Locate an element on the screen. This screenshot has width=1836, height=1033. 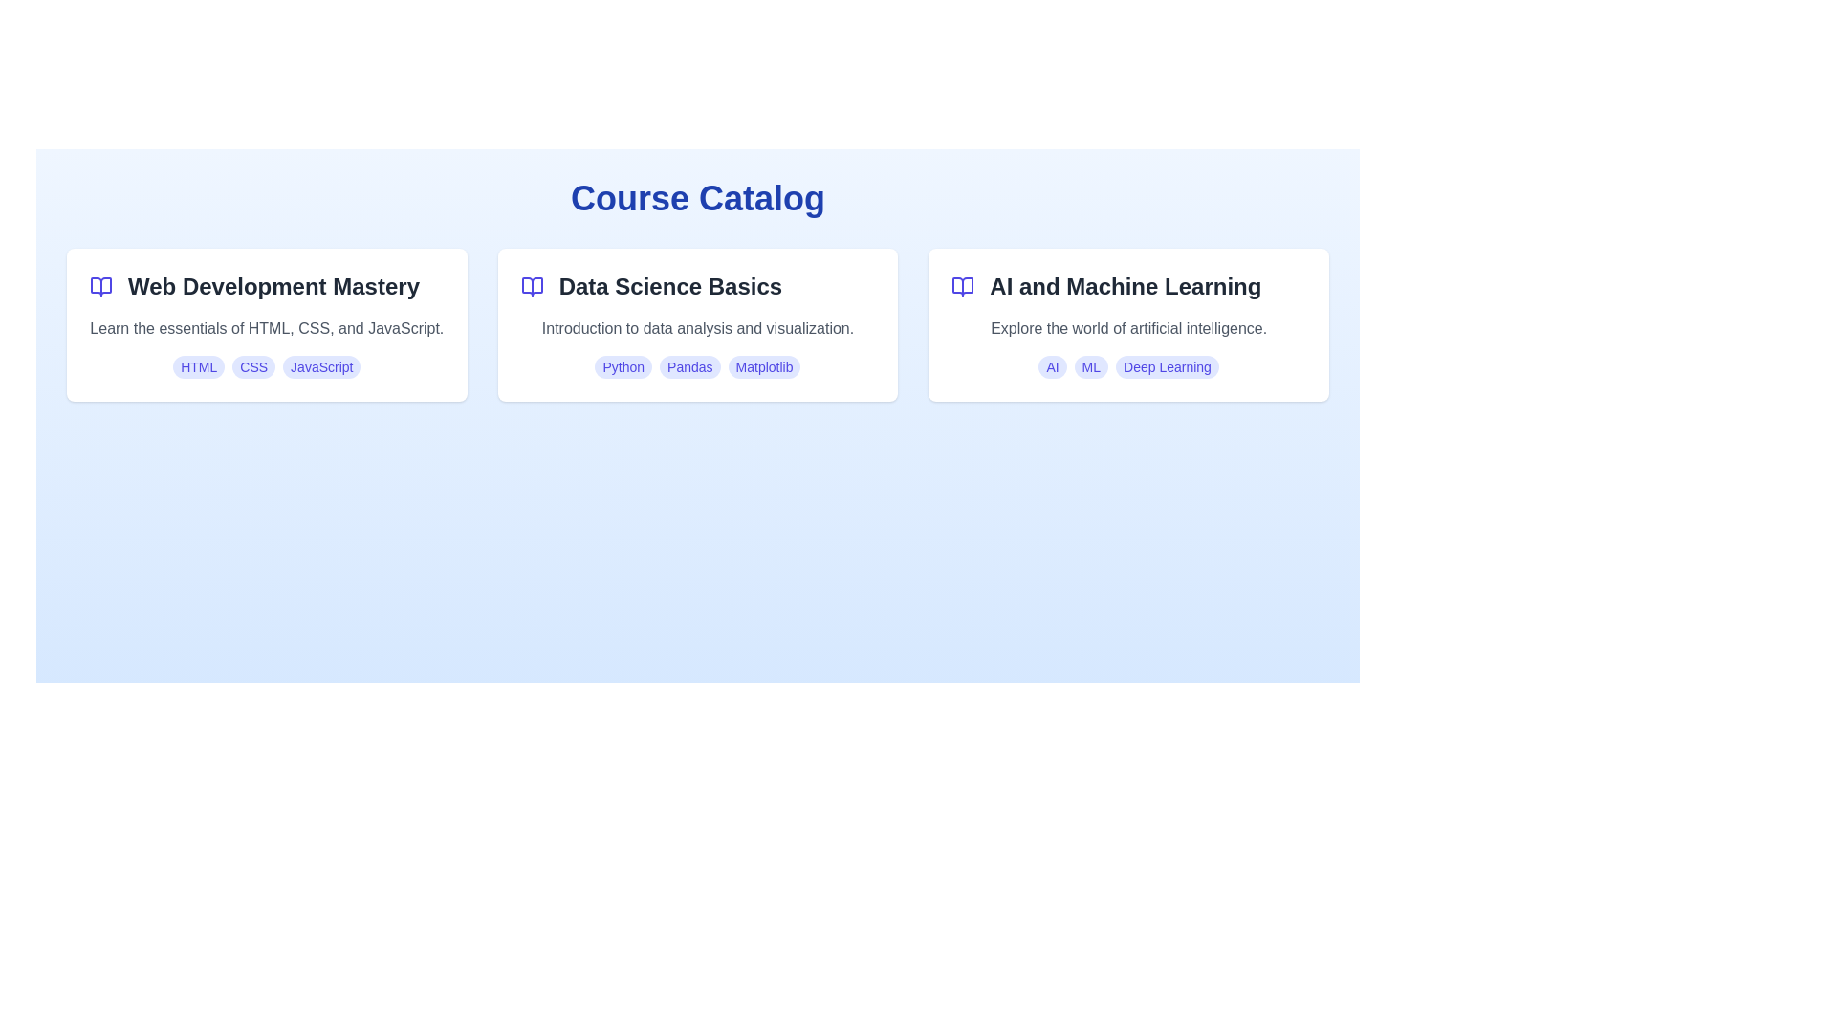
the icon representing the 'AI and Machine Learning' topic, located at the top-left corner of the rightmost card before the text 'AI and Machine Learning' is located at coordinates (963, 287).